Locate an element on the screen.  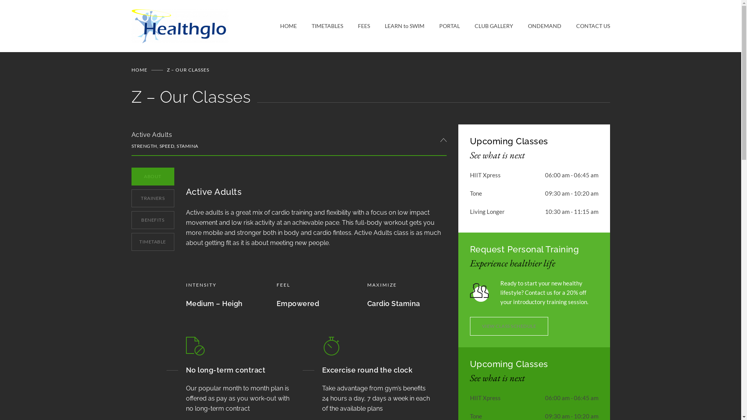
'TIMETABLES' is located at coordinates (319, 25).